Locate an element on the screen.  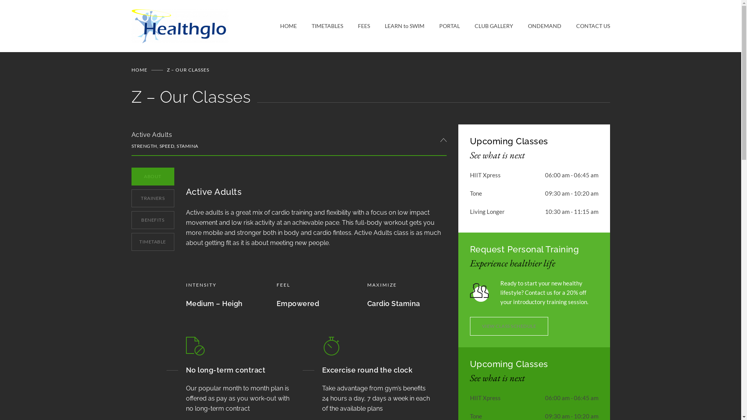
'TIMETABLES' is located at coordinates (319, 25).